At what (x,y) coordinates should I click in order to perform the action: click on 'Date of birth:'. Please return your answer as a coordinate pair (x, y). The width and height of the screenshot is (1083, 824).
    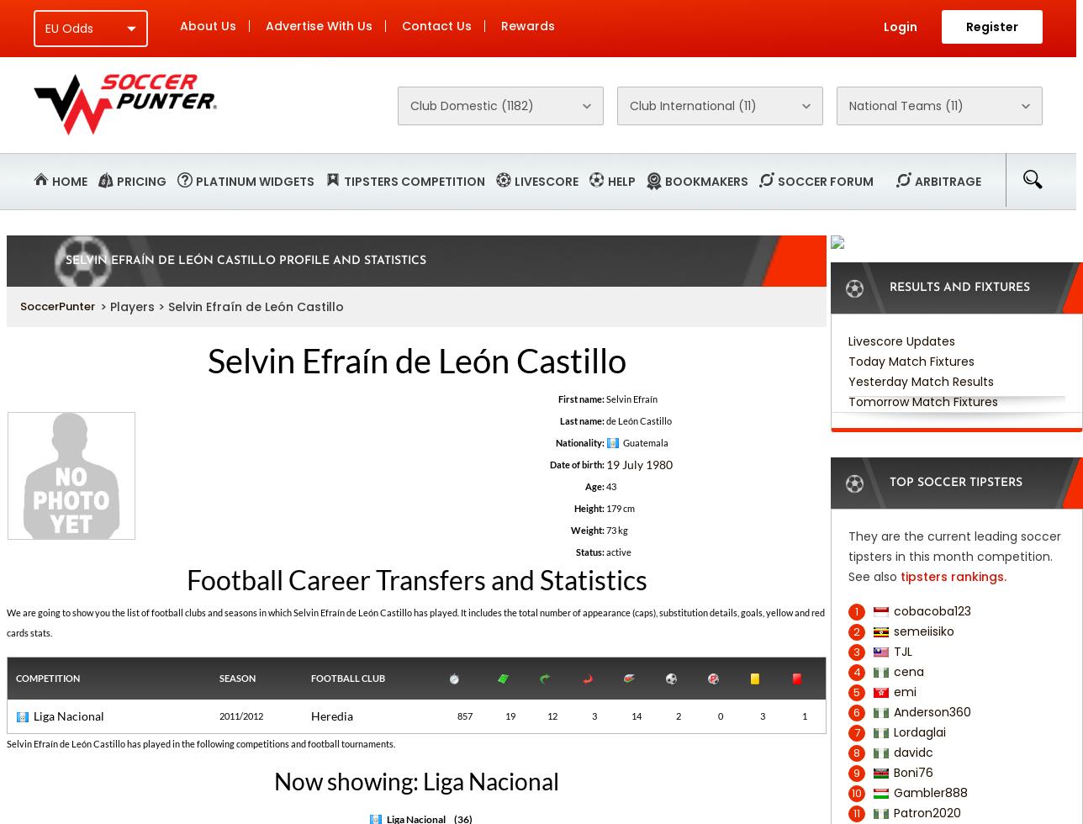
    Looking at the image, I should click on (576, 464).